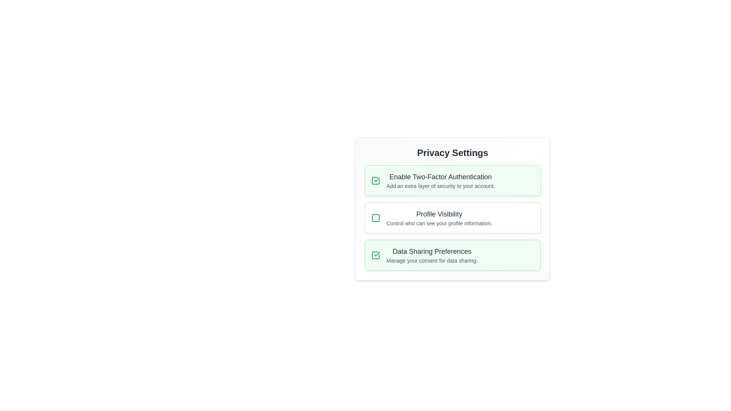  Describe the element at coordinates (376, 180) in the screenshot. I see `the selected checkbox for 'Enable Two-Factor Authentication' to deselect it` at that location.